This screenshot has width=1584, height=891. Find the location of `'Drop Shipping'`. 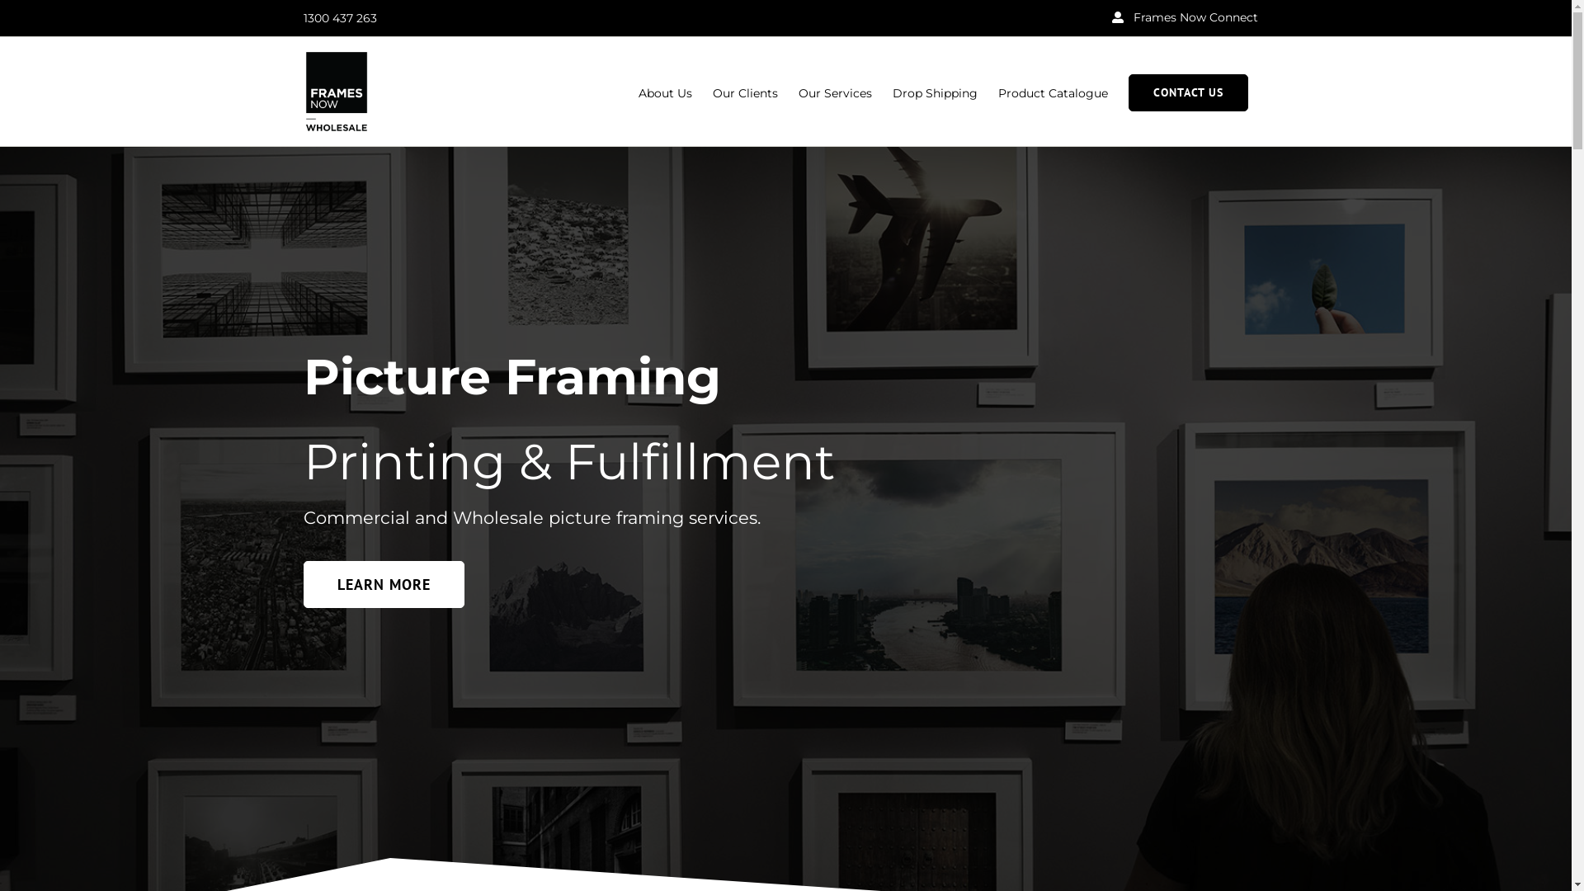

'Drop Shipping' is located at coordinates (935, 92).